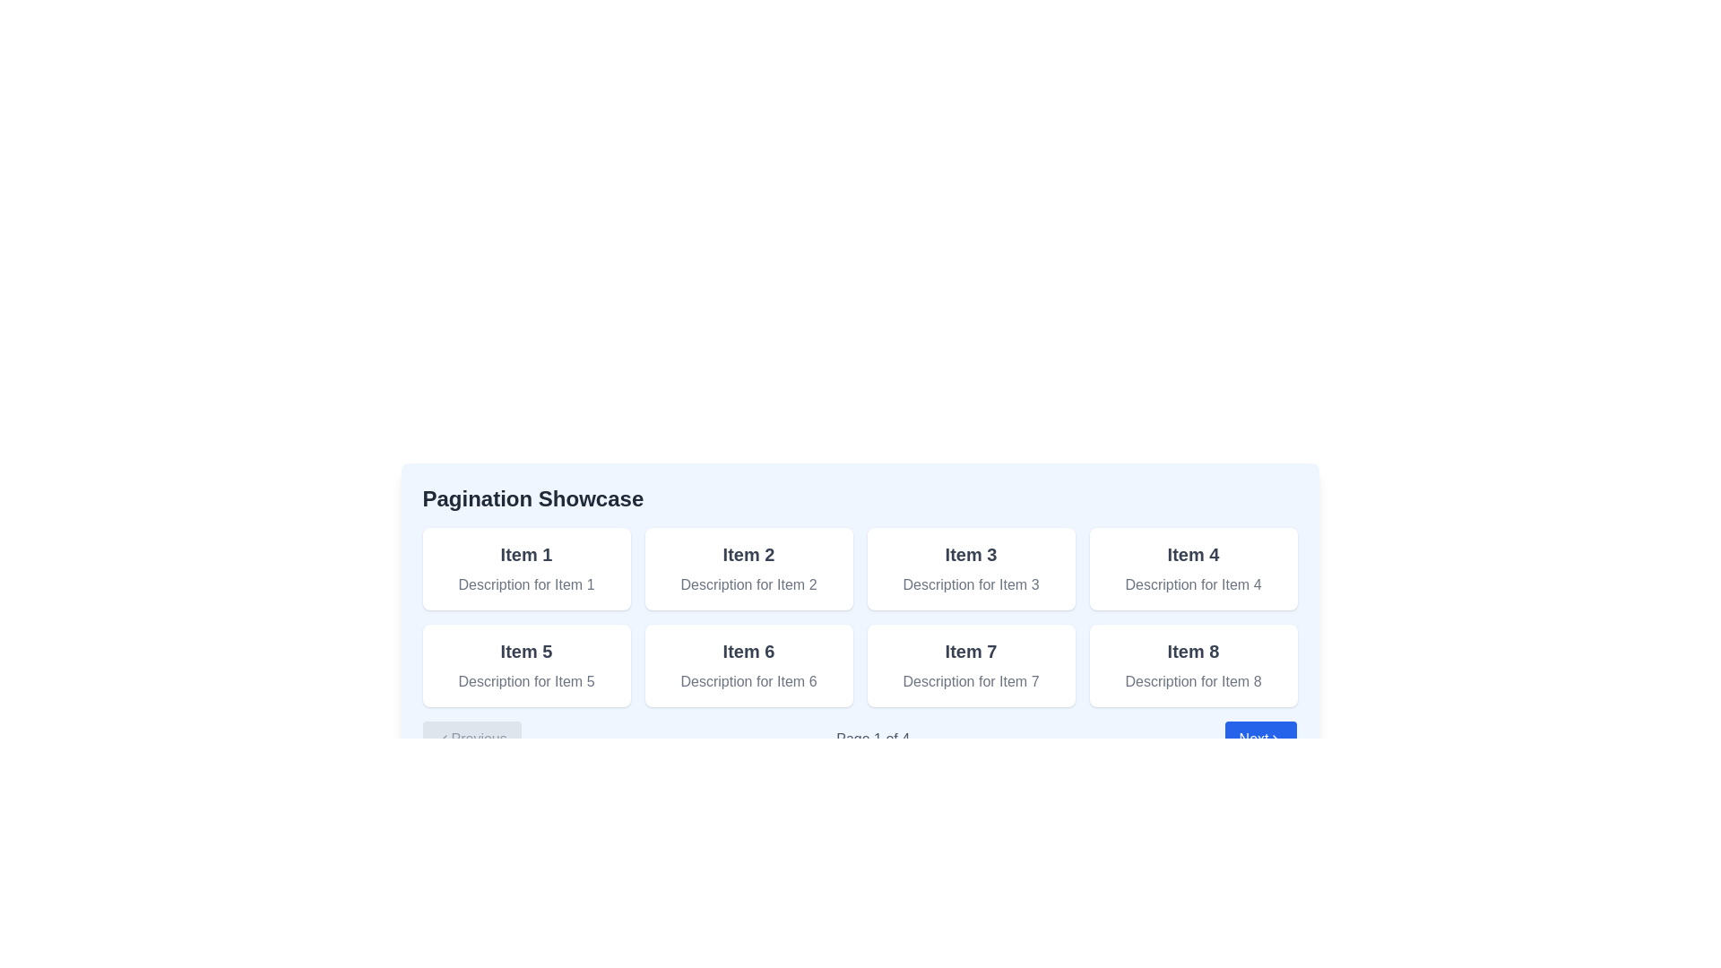 This screenshot has width=1721, height=968. I want to click on the Text label that displays 'Item 5', which is bold and dark gray in color, located in the second row of the grid layout, so click(525, 651).